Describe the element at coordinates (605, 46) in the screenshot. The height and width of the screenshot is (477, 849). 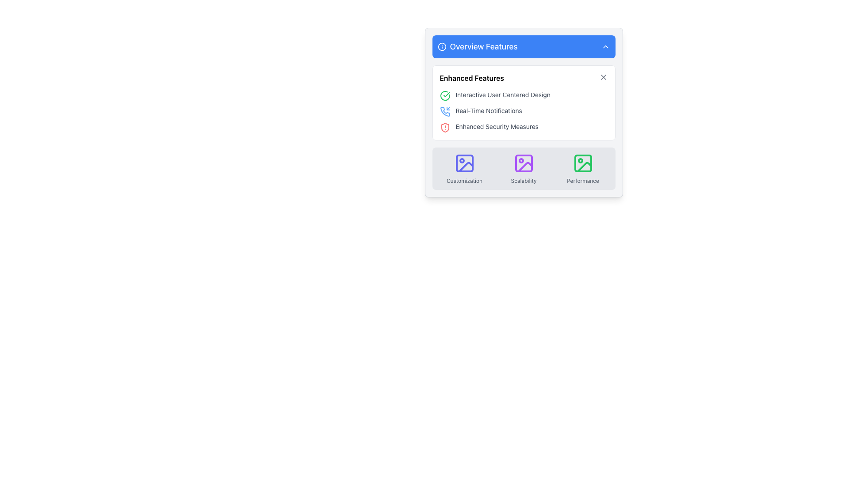
I see `the Chevron Down icon located in the top-right corner of the blue header bar labeled 'Overview Features'` at that location.